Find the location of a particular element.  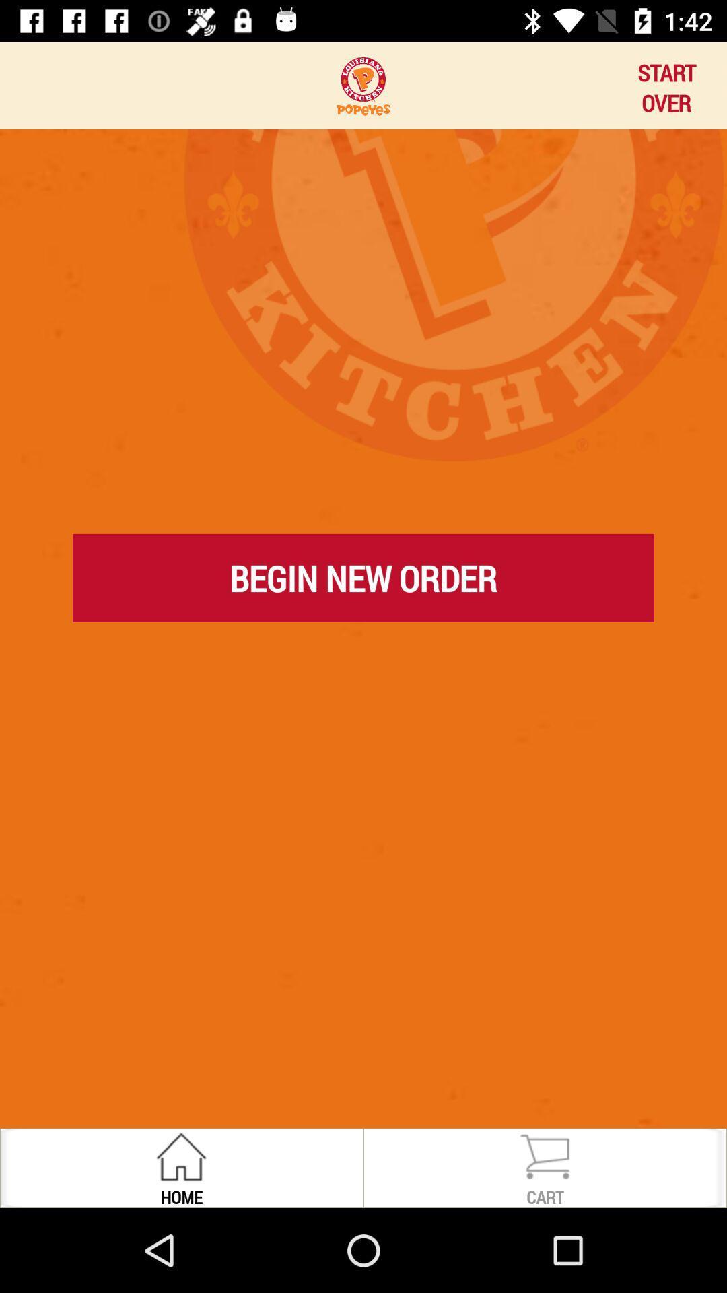

the cart item is located at coordinates (545, 1197).